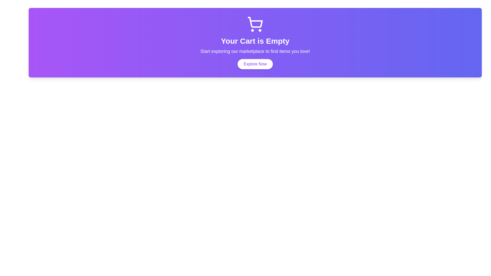 The height and width of the screenshot is (276, 491). I want to click on text displayed in the white sans-serif font that says 'Start exploring our marketplace to find items you love!' which is located below the 'Your Cart is Empty' text and above the 'Explore Now' button, so click(255, 51).